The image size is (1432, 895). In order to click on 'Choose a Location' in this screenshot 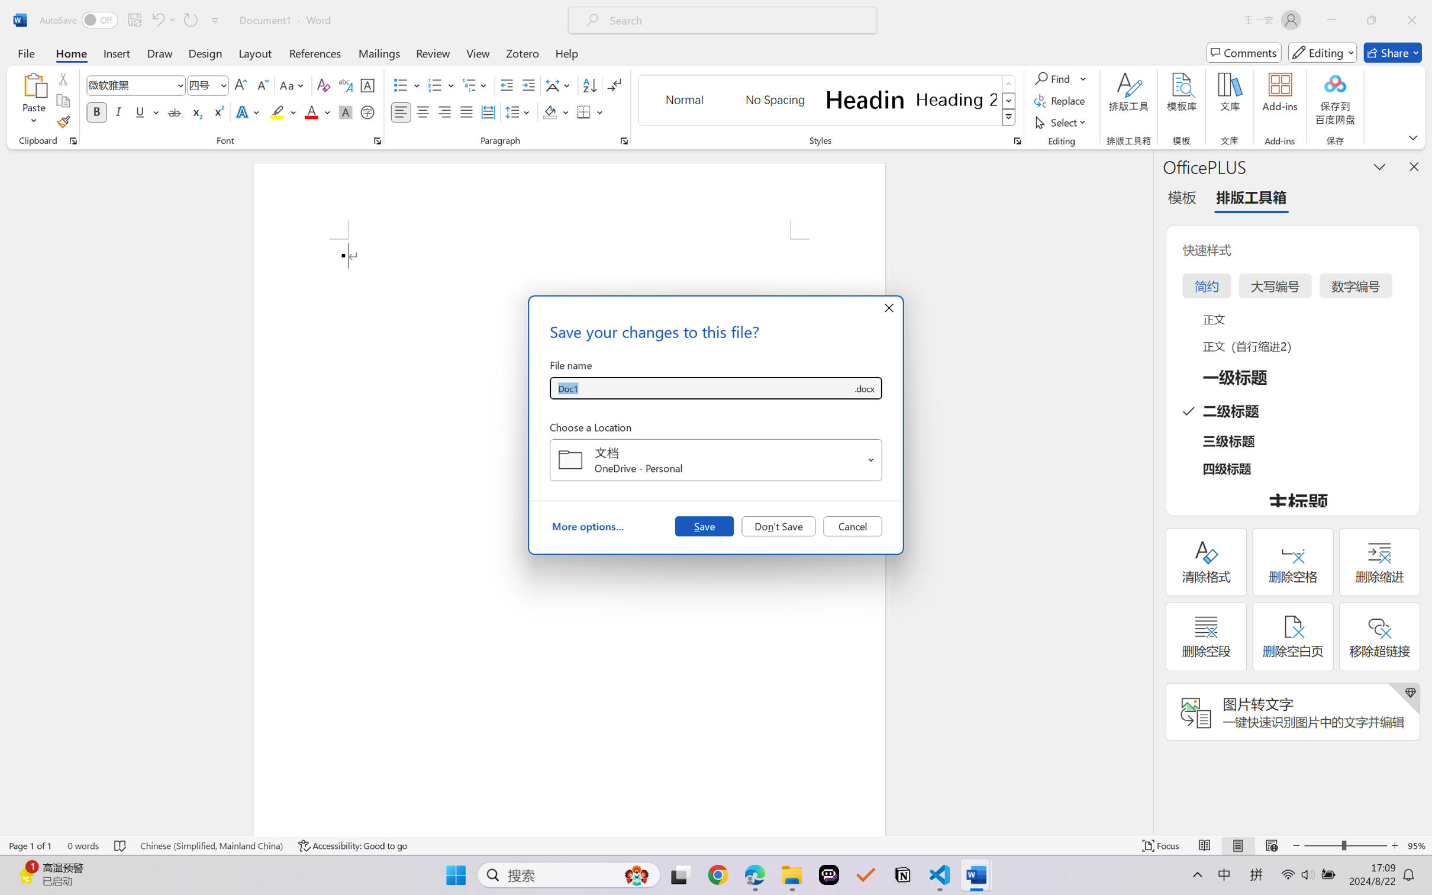, I will do `click(716, 460)`.